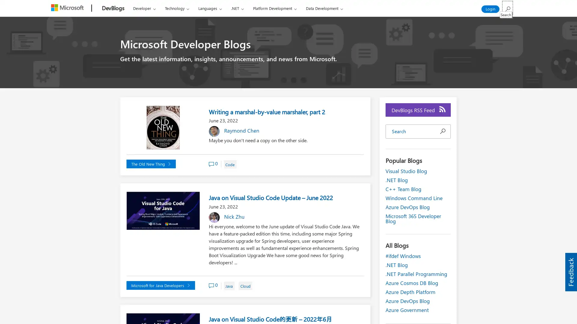  I want to click on Platform Development, so click(274, 8).